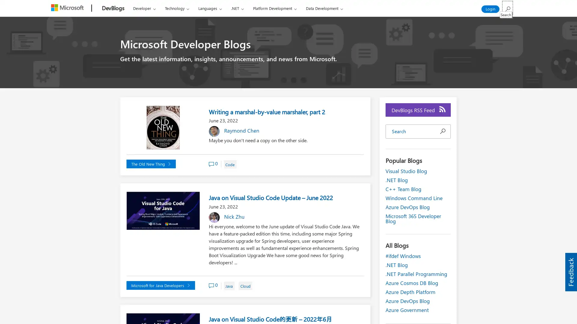  I want to click on Platform Development, so click(274, 8).